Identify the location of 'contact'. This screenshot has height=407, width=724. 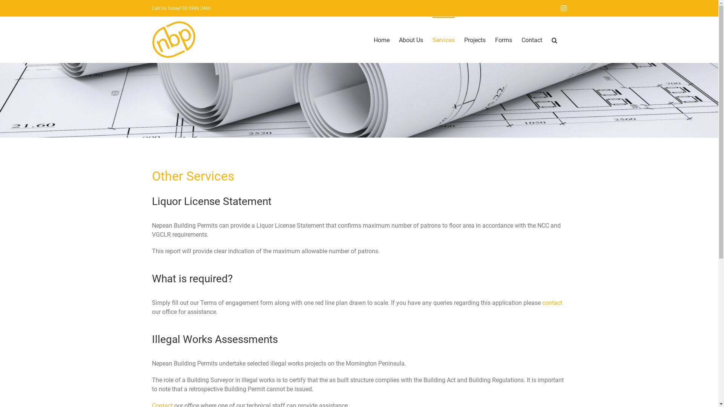
(552, 302).